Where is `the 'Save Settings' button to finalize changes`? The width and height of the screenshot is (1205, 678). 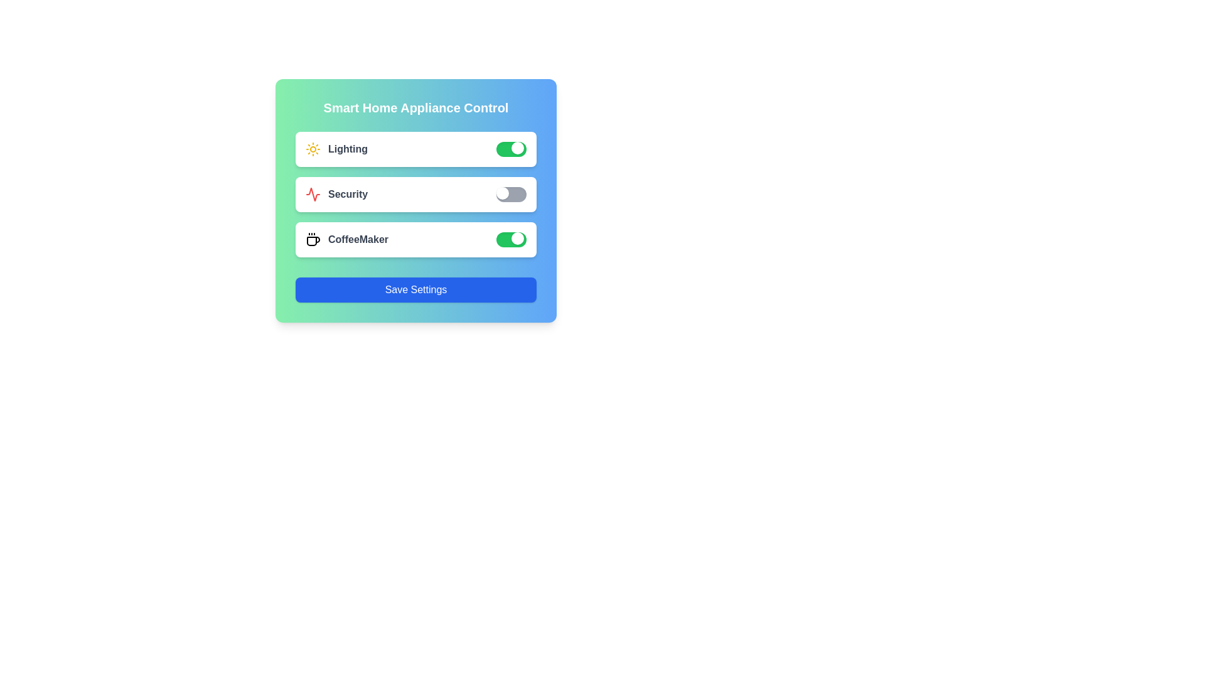
the 'Save Settings' button to finalize changes is located at coordinates (415, 290).